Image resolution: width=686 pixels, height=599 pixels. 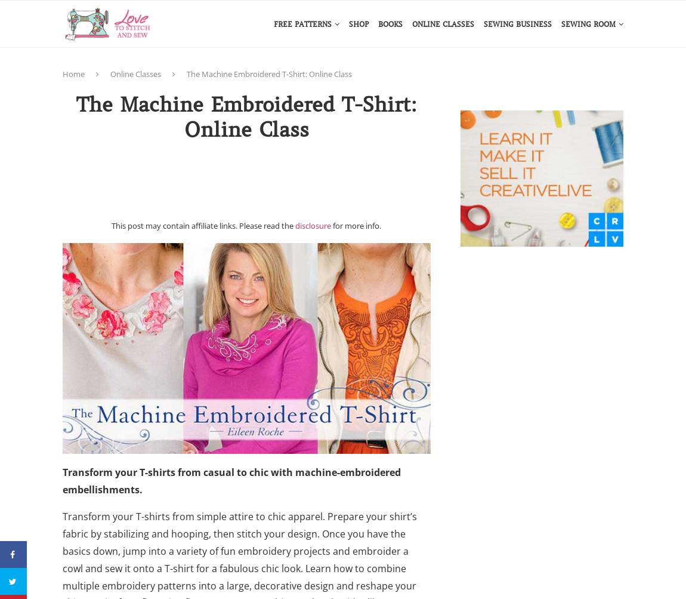 I want to click on 'Home', so click(x=73, y=73).